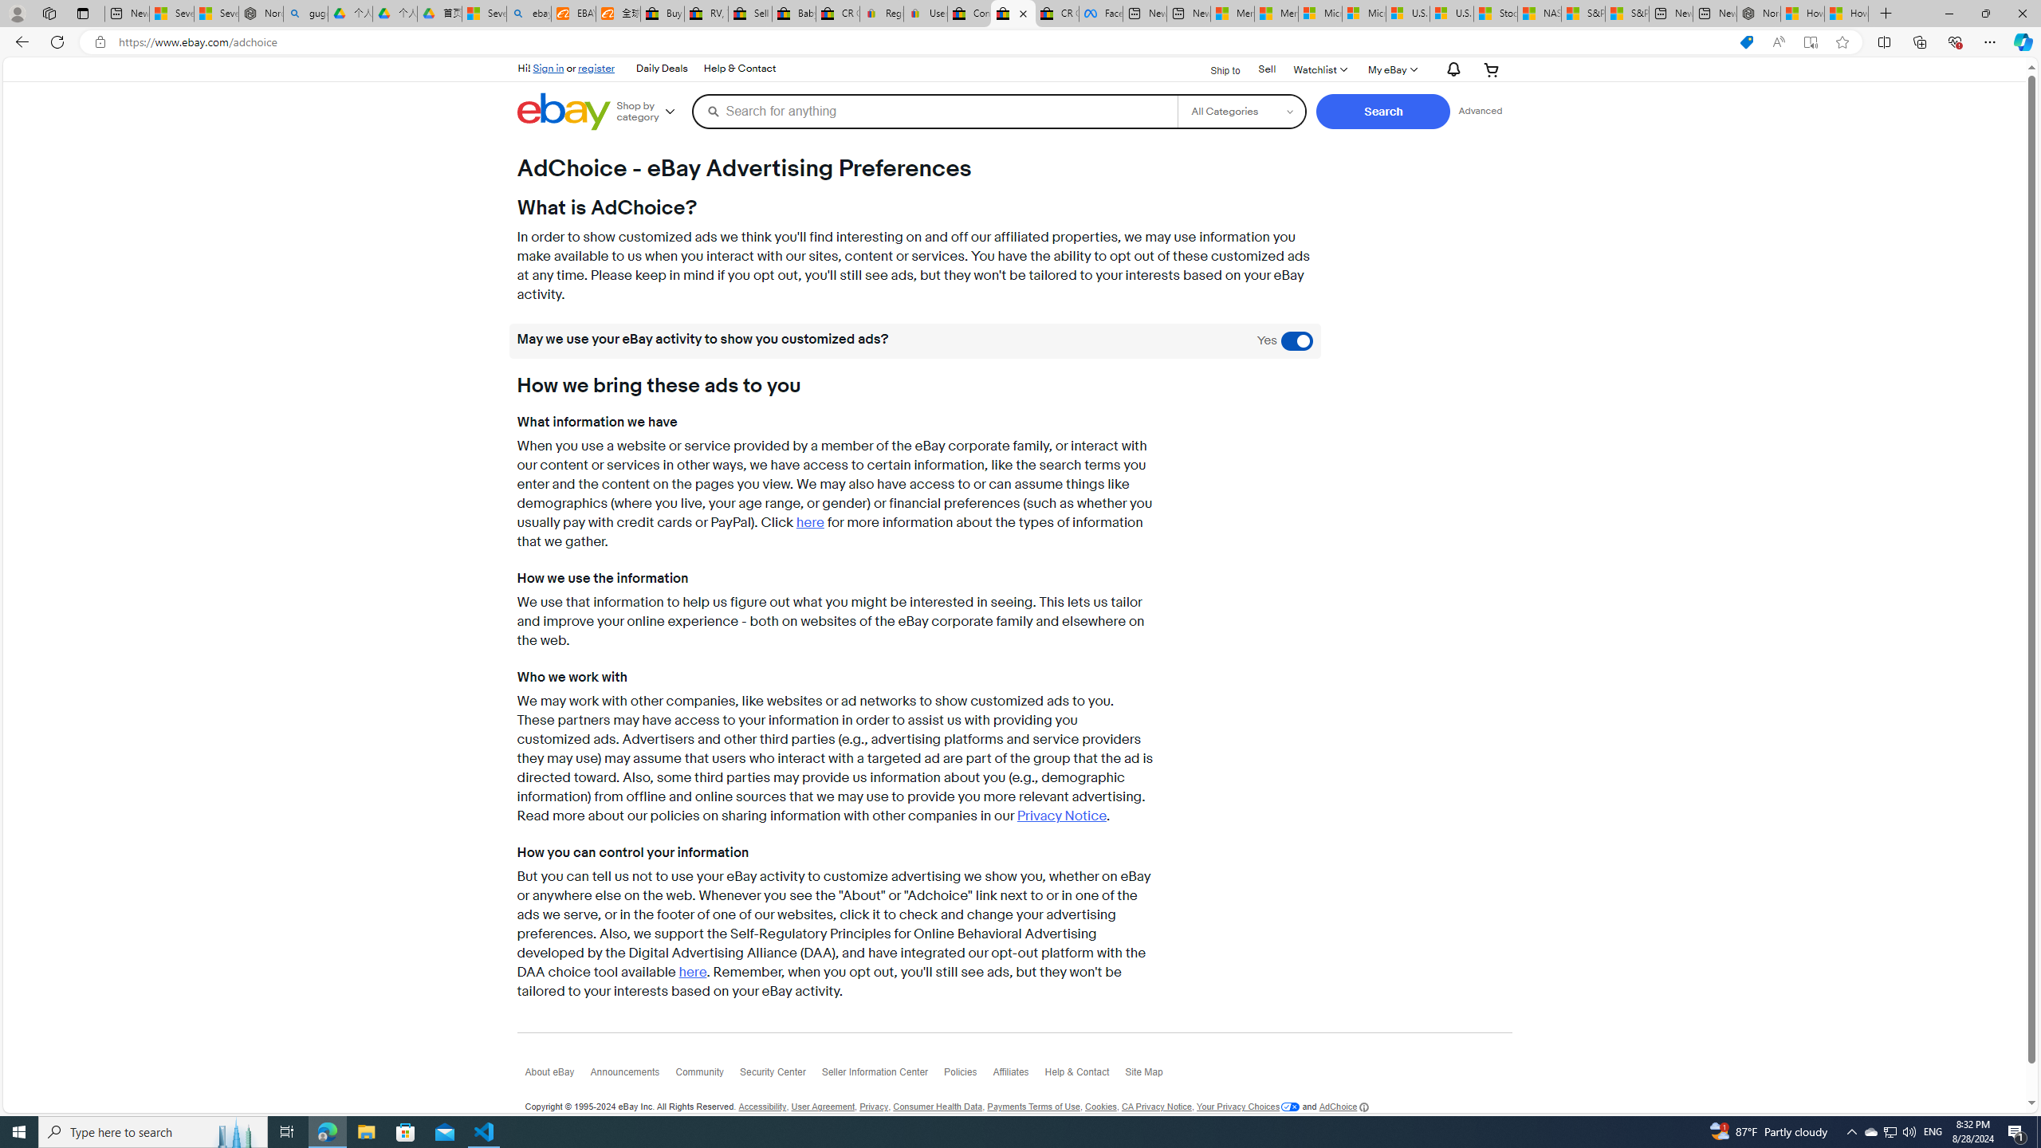 The image size is (2041, 1148). Describe the element at coordinates (549, 67) in the screenshot. I see `'Sign in'` at that location.